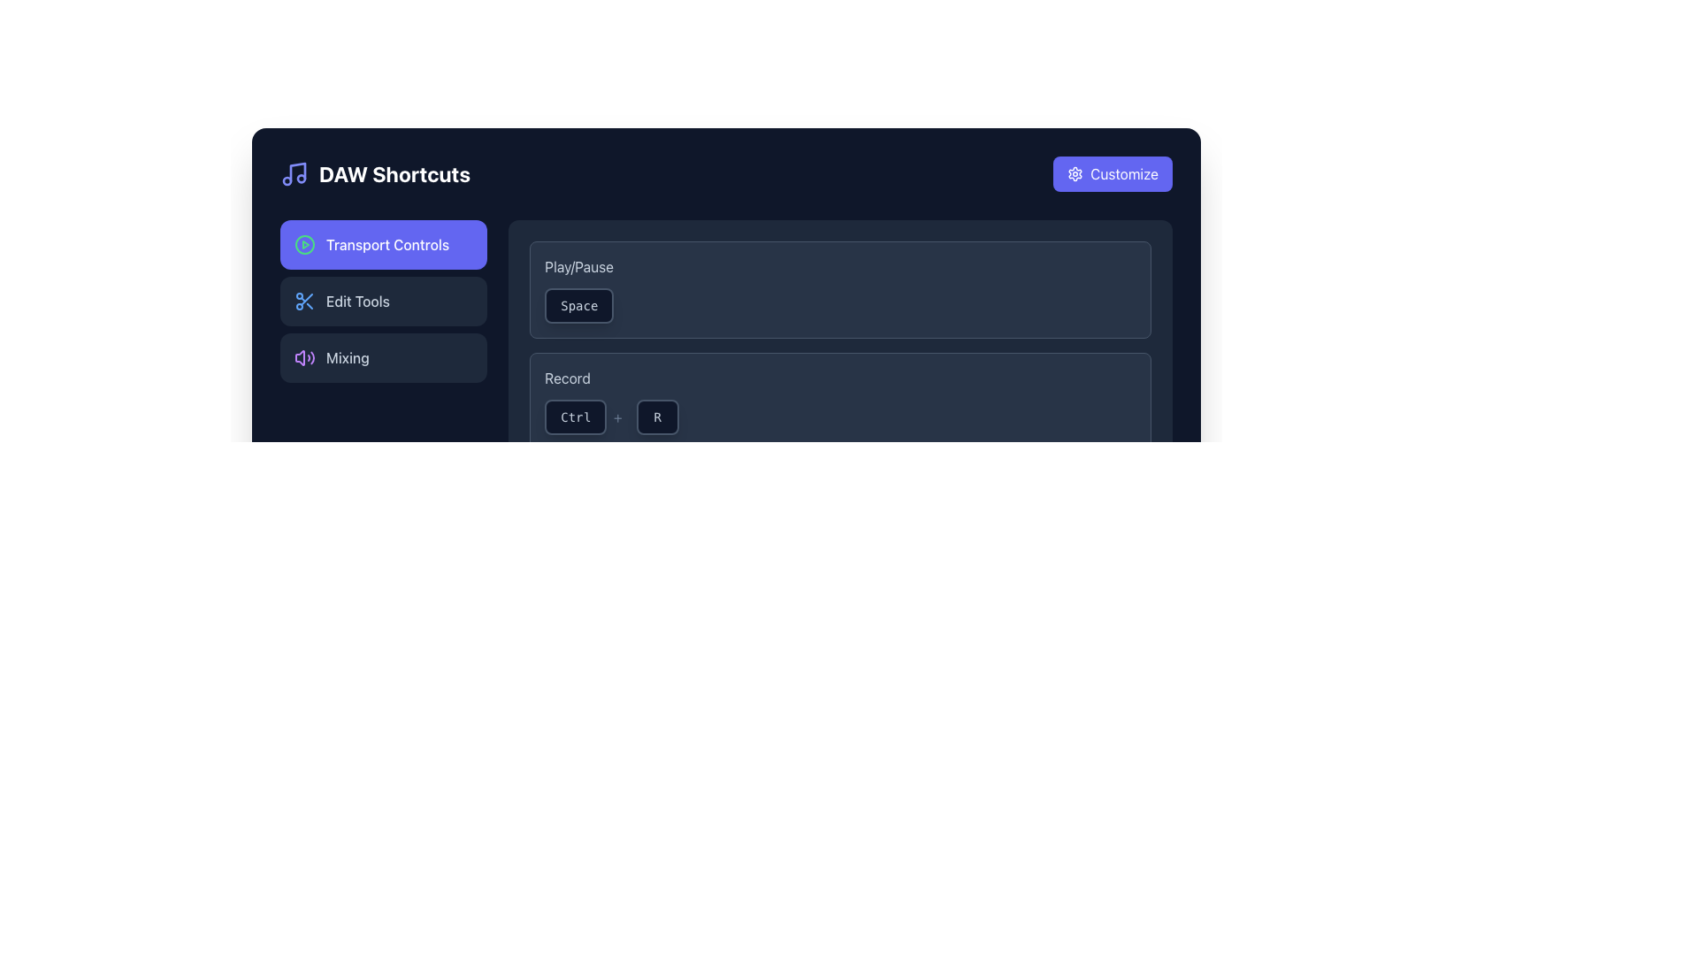 The width and height of the screenshot is (1698, 955). Describe the element at coordinates (300, 358) in the screenshot. I see `the 'Mixing' icon located on the vertical sidebar menu, which is the third icon below the 'Transport Controls' and 'Edit Tools' options` at that location.